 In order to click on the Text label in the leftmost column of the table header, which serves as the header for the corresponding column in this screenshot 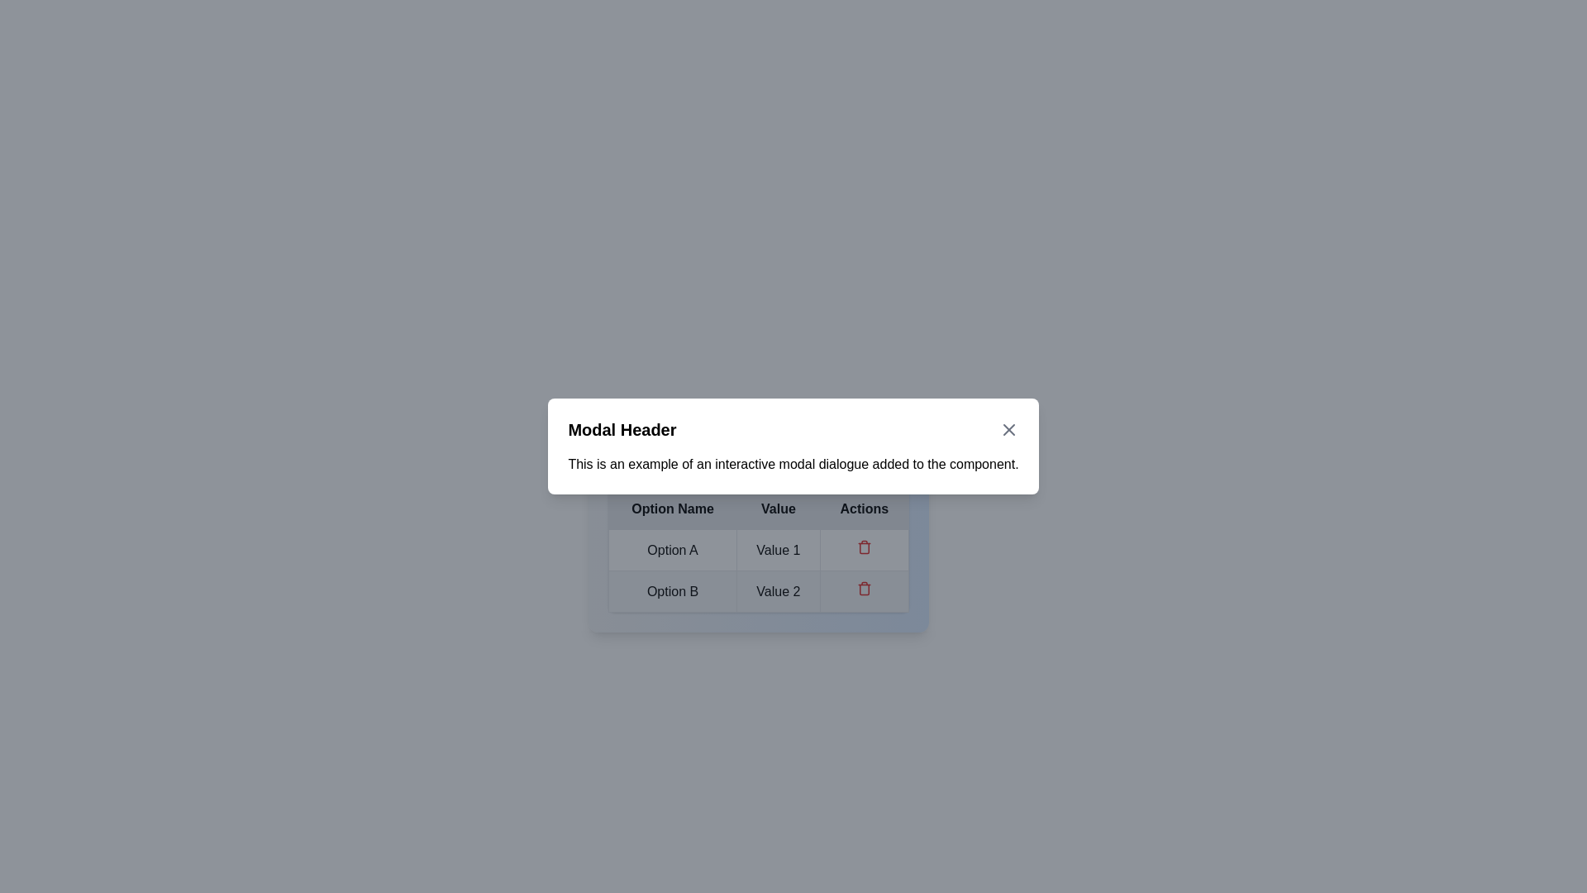, I will do `click(673, 509)`.